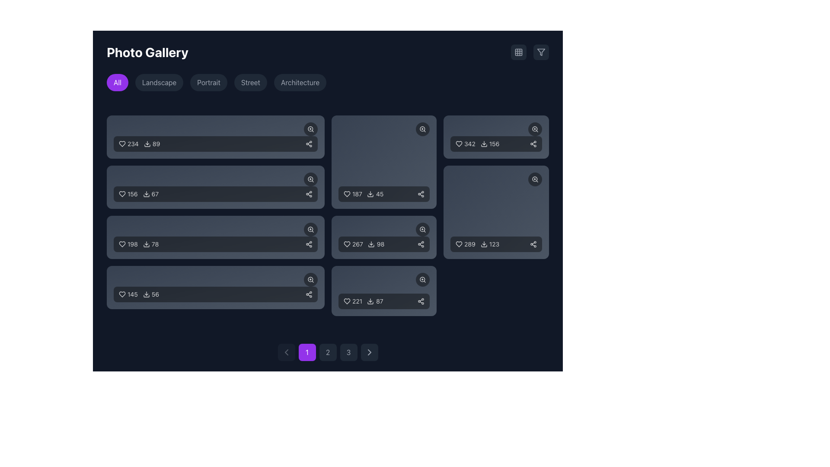  I want to click on the text label displaying the number '289', which is styled in a simple, sans-serif font and appears light-colored against a dark background, positioned to the right of a heart-shaped icon in the bottom row of a grid layout, so click(469, 244).